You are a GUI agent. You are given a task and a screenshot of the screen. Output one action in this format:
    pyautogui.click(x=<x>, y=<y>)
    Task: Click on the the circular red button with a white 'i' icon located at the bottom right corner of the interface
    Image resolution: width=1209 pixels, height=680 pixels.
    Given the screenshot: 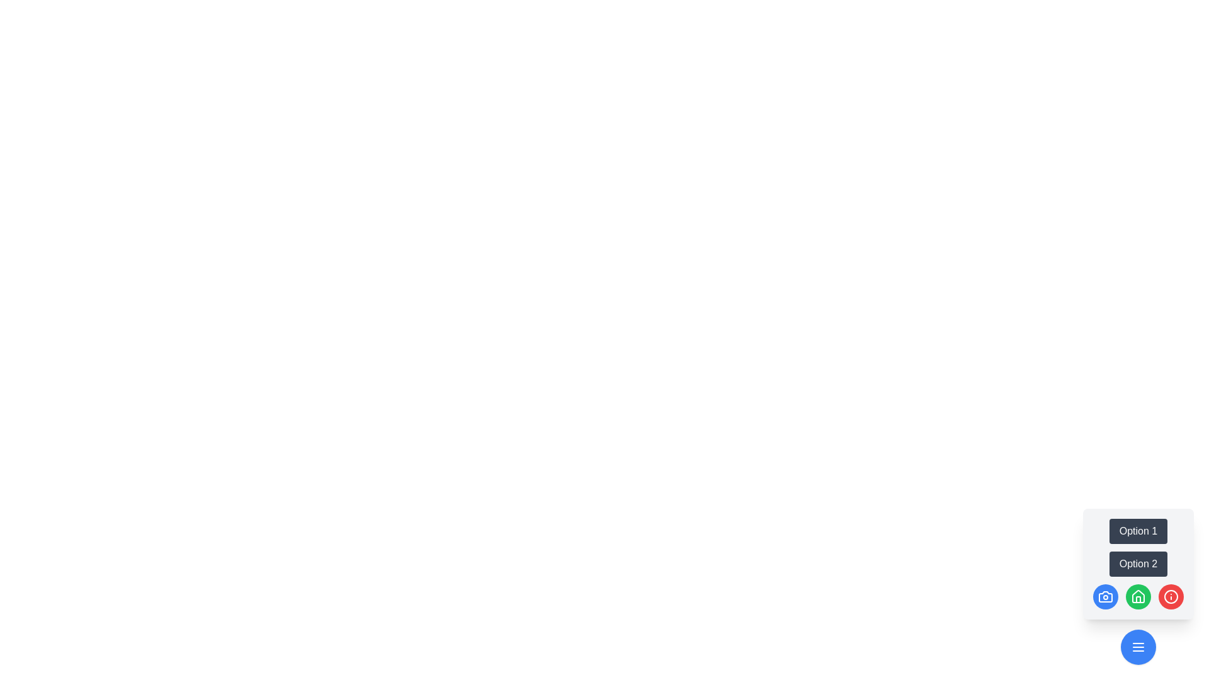 What is the action you would take?
    pyautogui.click(x=1171, y=596)
    